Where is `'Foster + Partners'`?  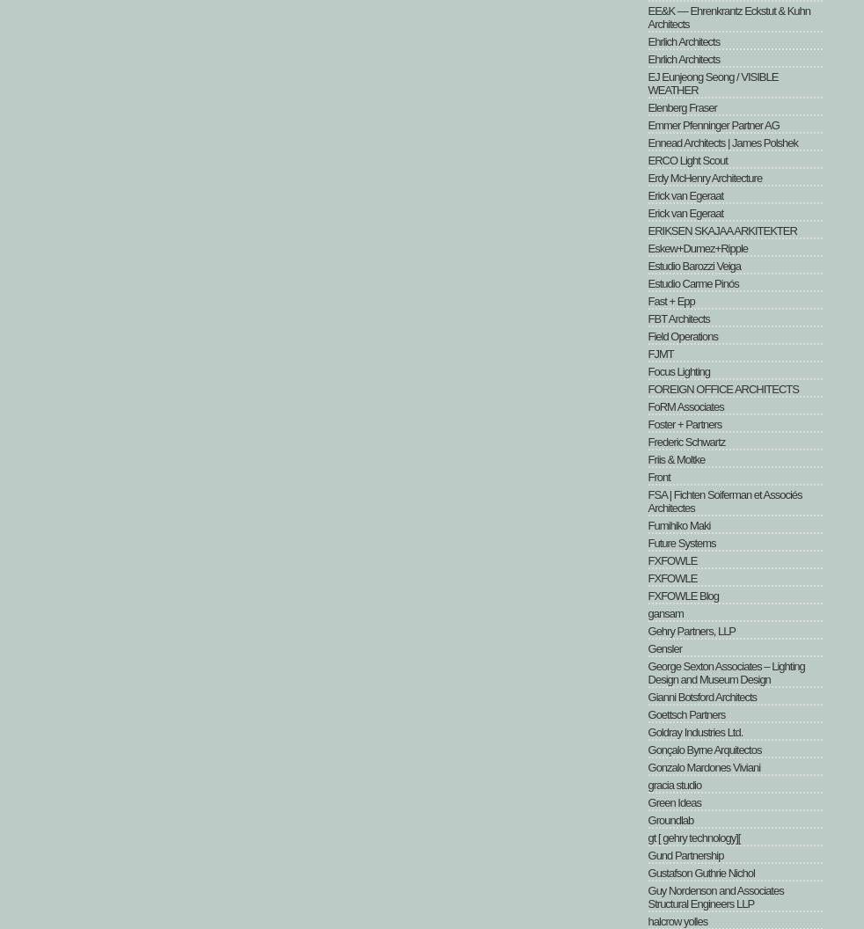
'Foster + Partners' is located at coordinates (685, 423).